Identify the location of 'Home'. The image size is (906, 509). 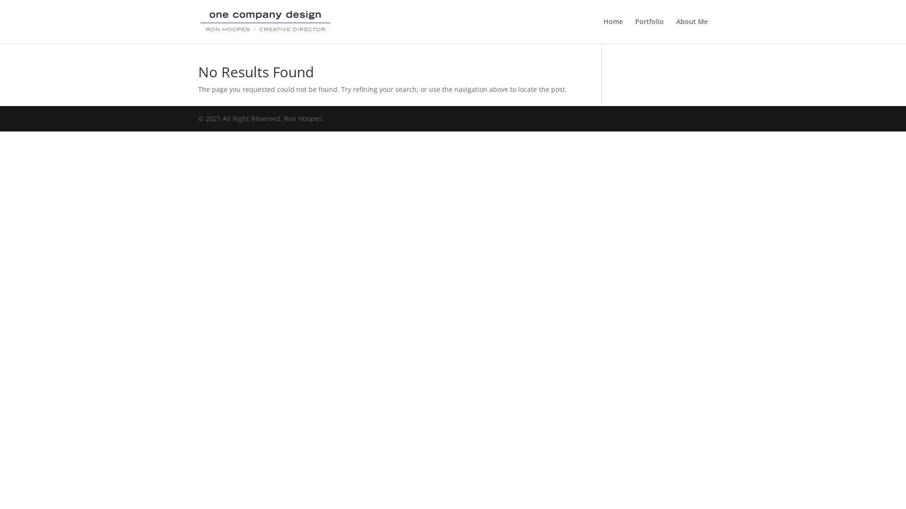
(603, 30).